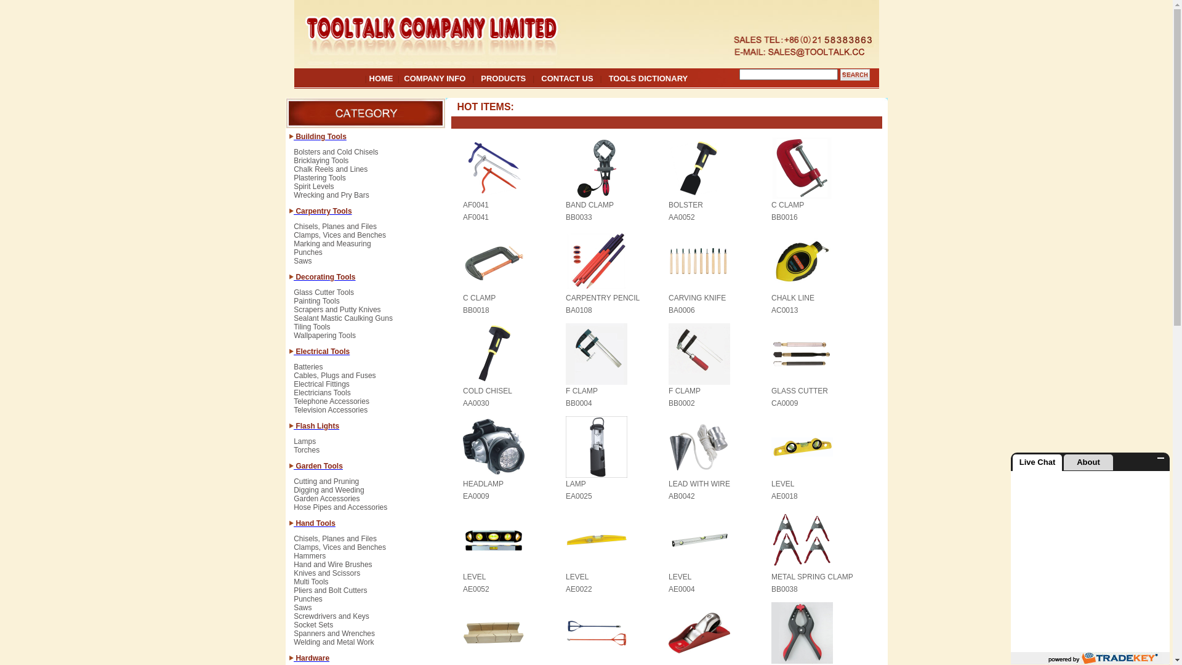 This screenshot has width=1182, height=665. What do you see at coordinates (434, 78) in the screenshot?
I see `'COMPANY INFO'` at bounding box center [434, 78].